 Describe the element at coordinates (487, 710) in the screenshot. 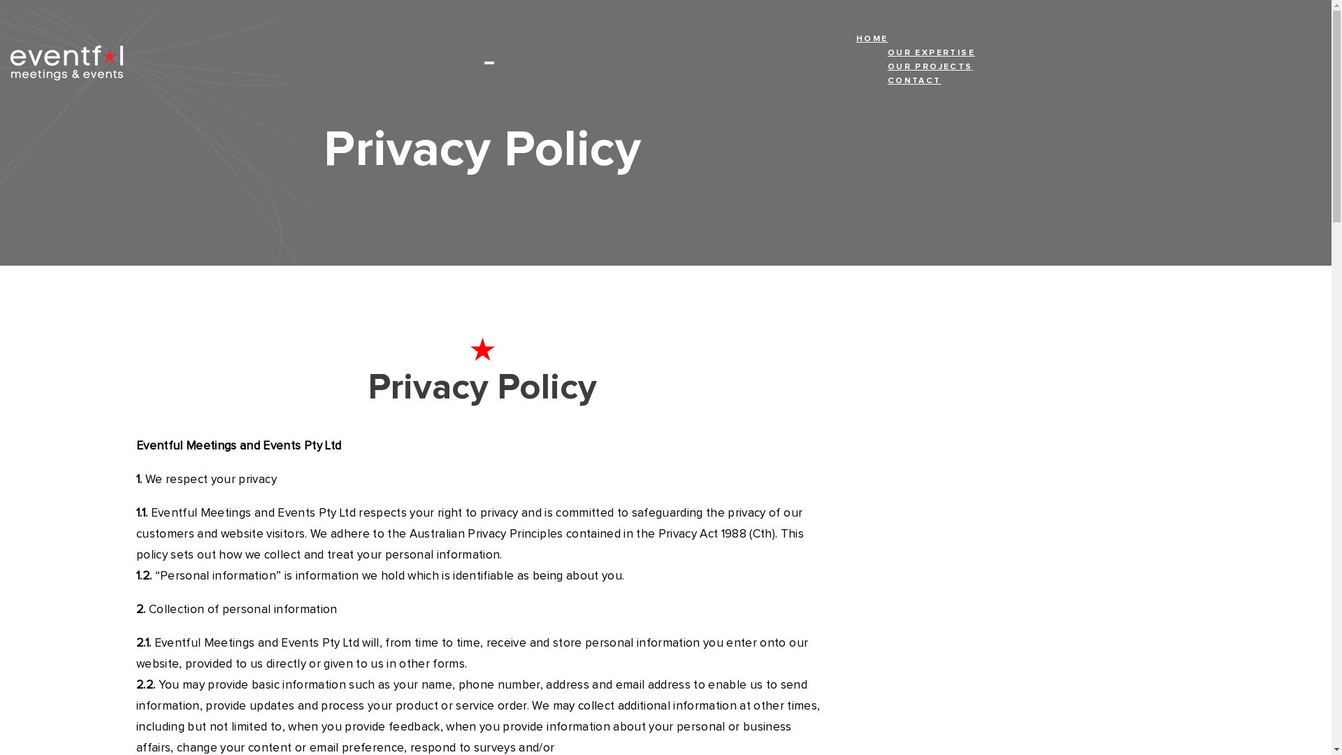

I see `'+61 2 9690 2699'` at that location.